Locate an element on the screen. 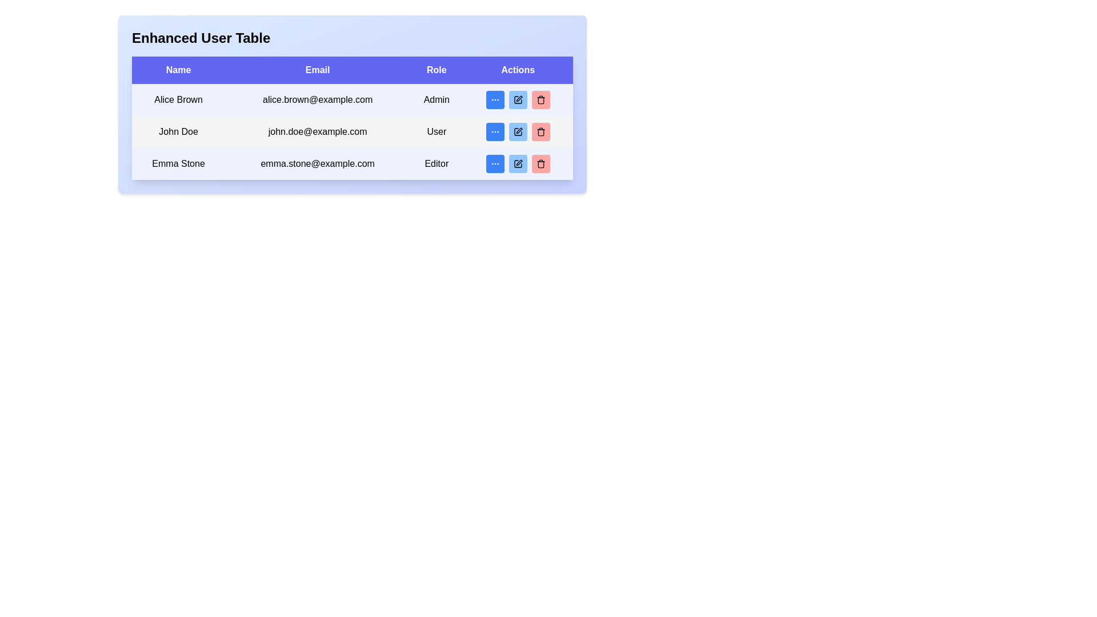 Image resolution: width=1097 pixels, height=617 pixels. the delete button located in the third row of the table under the 'Actions' column, positioned to the right of the blue button with a pen icon is located at coordinates (540, 163).